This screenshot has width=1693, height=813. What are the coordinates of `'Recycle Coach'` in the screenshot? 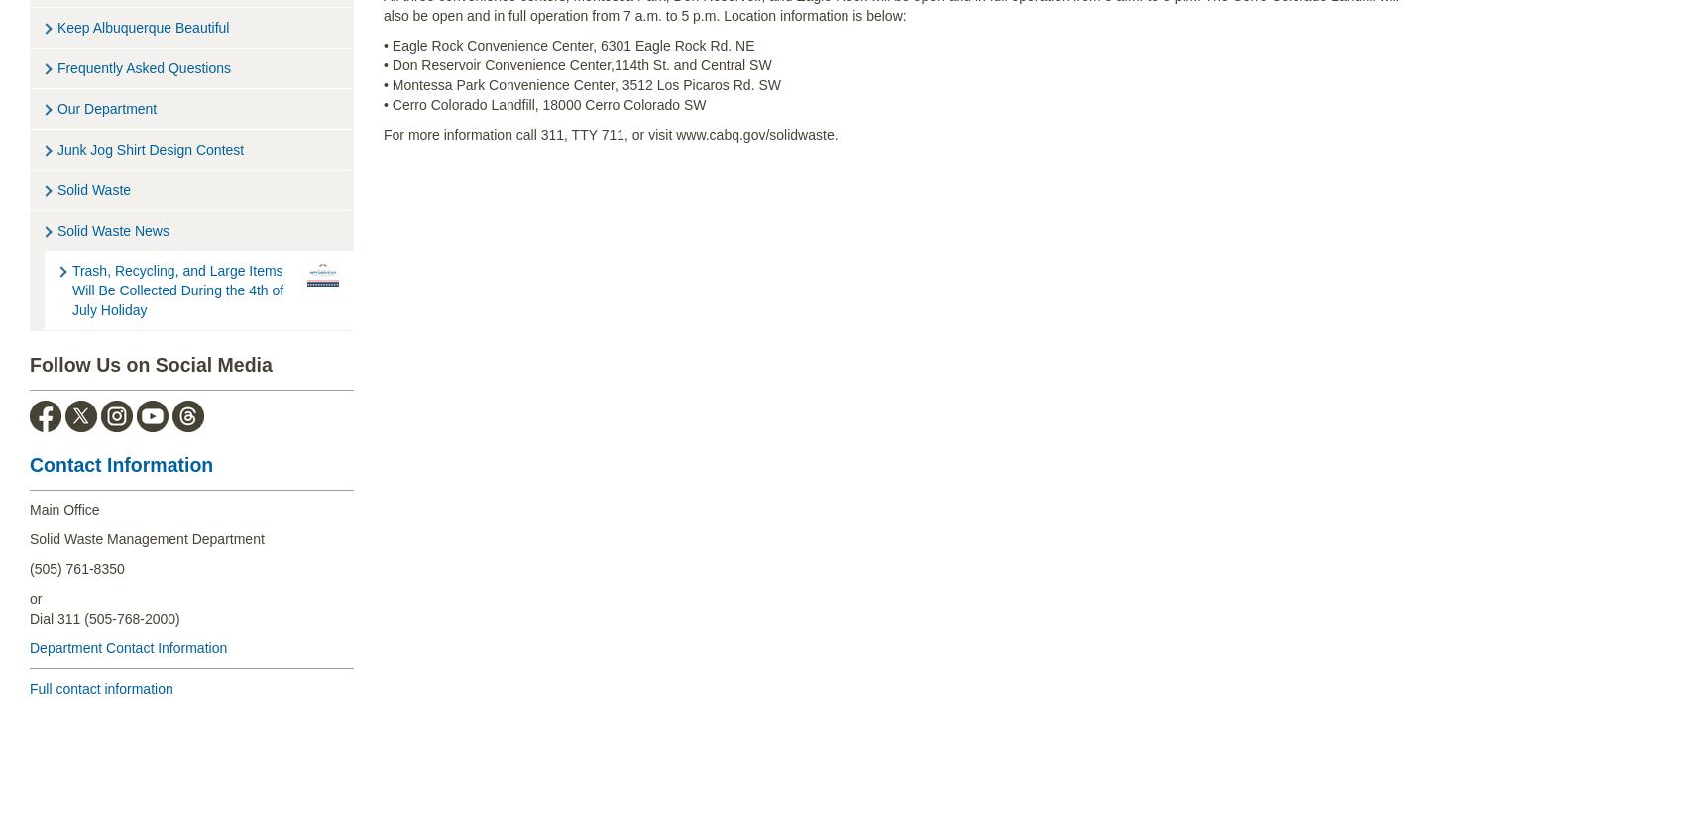 It's located at (1508, 55).